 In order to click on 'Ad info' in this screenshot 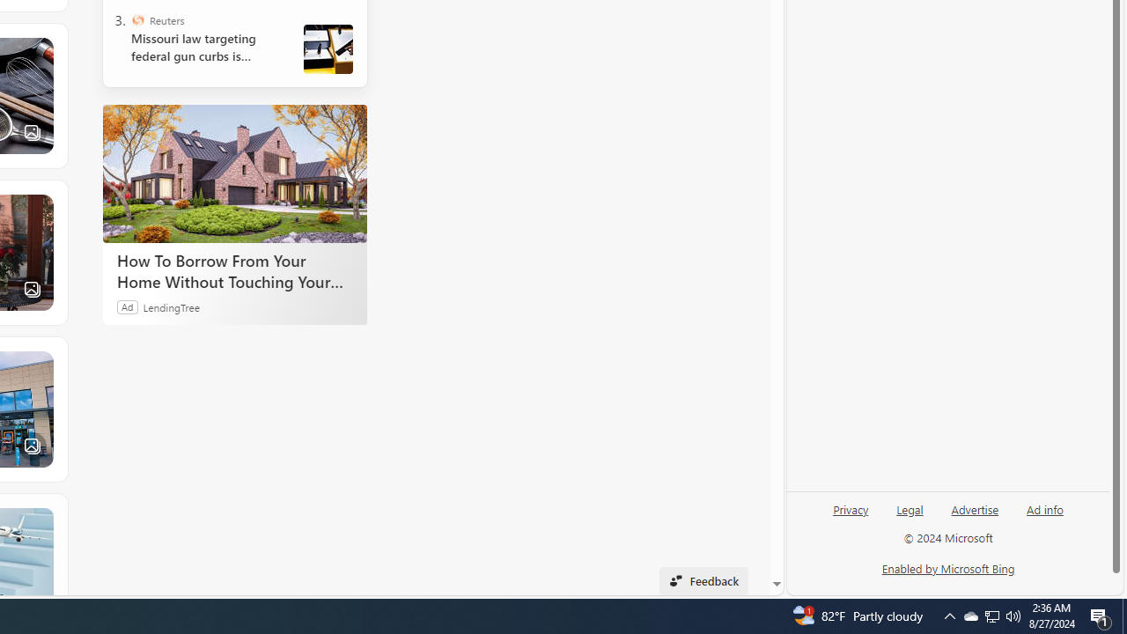, I will do `click(1044, 515)`.